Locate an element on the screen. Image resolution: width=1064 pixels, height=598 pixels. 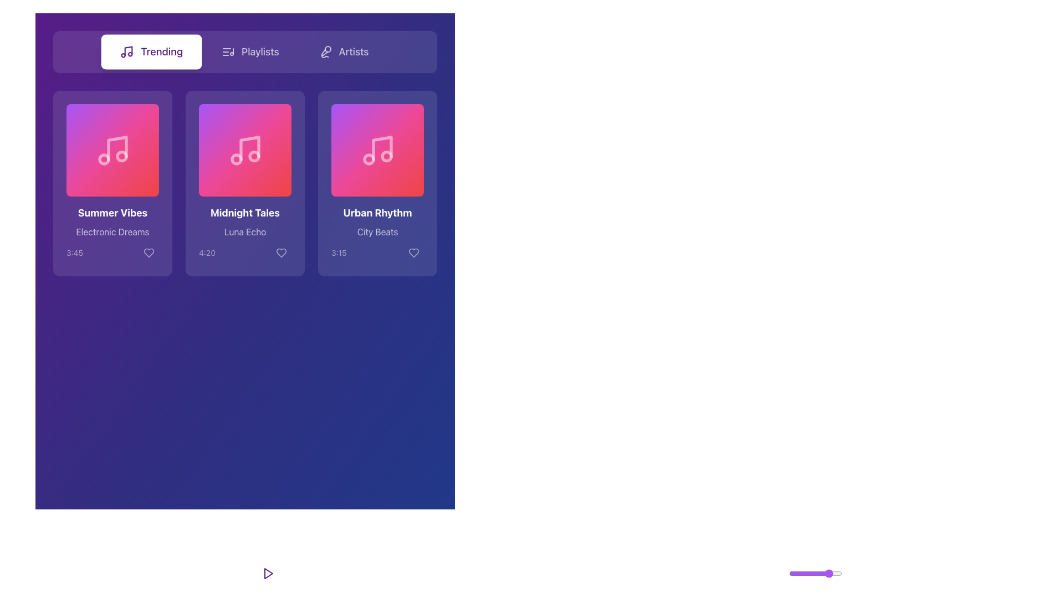
the heart-shaped icon located in the bottom right corner of the 'Urban Rhythm' card to mark it as a favorite is located at coordinates (413, 252).